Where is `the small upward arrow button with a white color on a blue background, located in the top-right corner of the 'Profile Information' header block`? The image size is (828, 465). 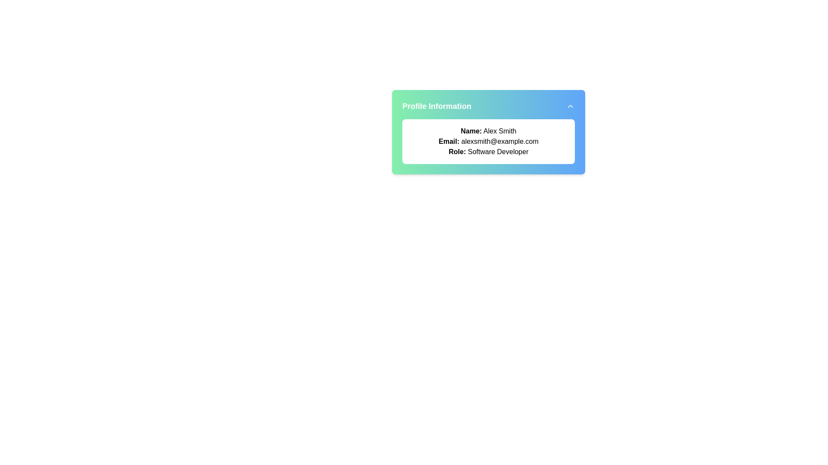
the small upward arrow button with a white color on a blue background, located in the top-right corner of the 'Profile Information' header block is located at coordinates (571, 105).